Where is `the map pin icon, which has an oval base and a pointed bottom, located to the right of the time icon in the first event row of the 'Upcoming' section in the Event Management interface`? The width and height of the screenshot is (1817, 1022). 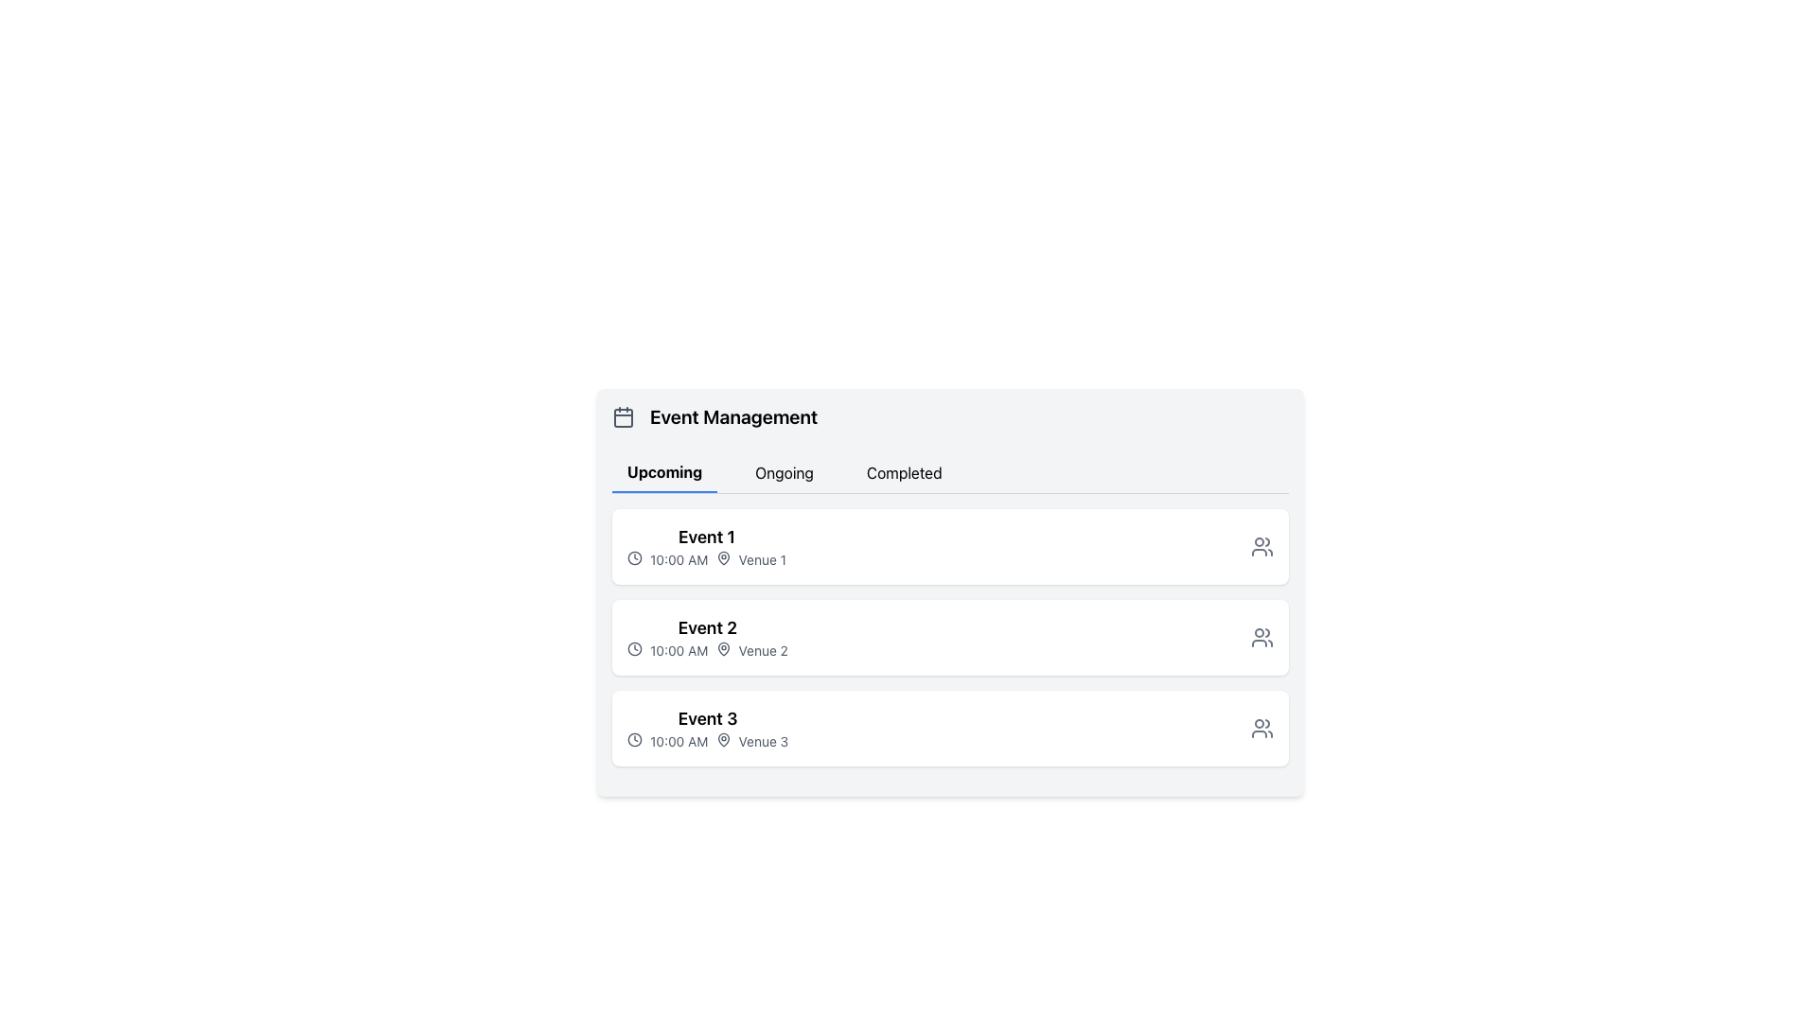 the map pin icon, which has an oval base and a pointed bottom, located to the right of the time icon in the first event row of the 'Upcoming' section in the Event Management interface is located at coordinates (722, 557).